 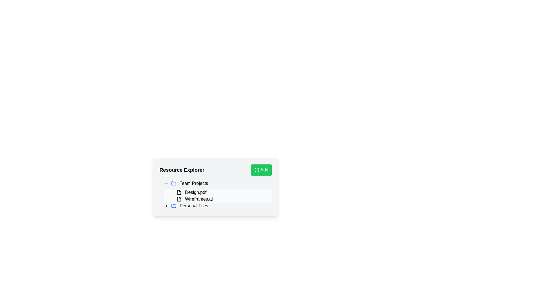 What do you see at coordinates (179, 199) in the screenshot?
I see `the File type icon located next to the 'Wireframes.ai' text file entry` at bounding box center [179, 199].